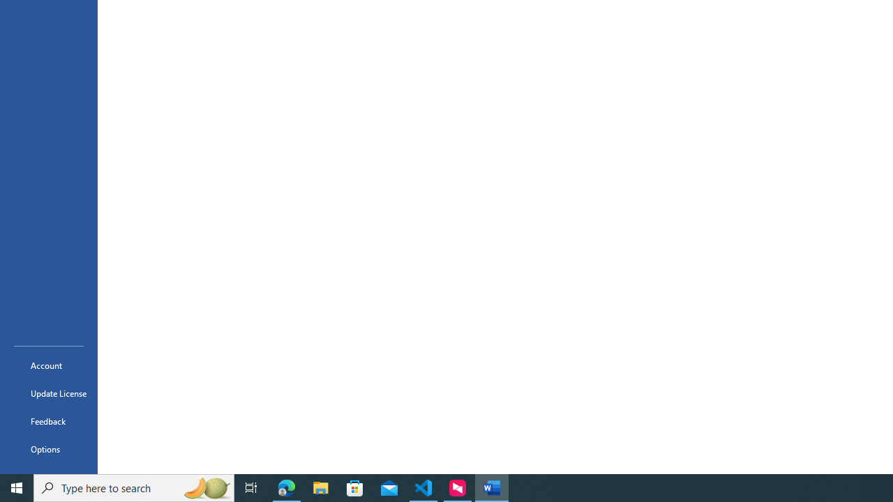  I want to click on 'Account', so click(48, 365).